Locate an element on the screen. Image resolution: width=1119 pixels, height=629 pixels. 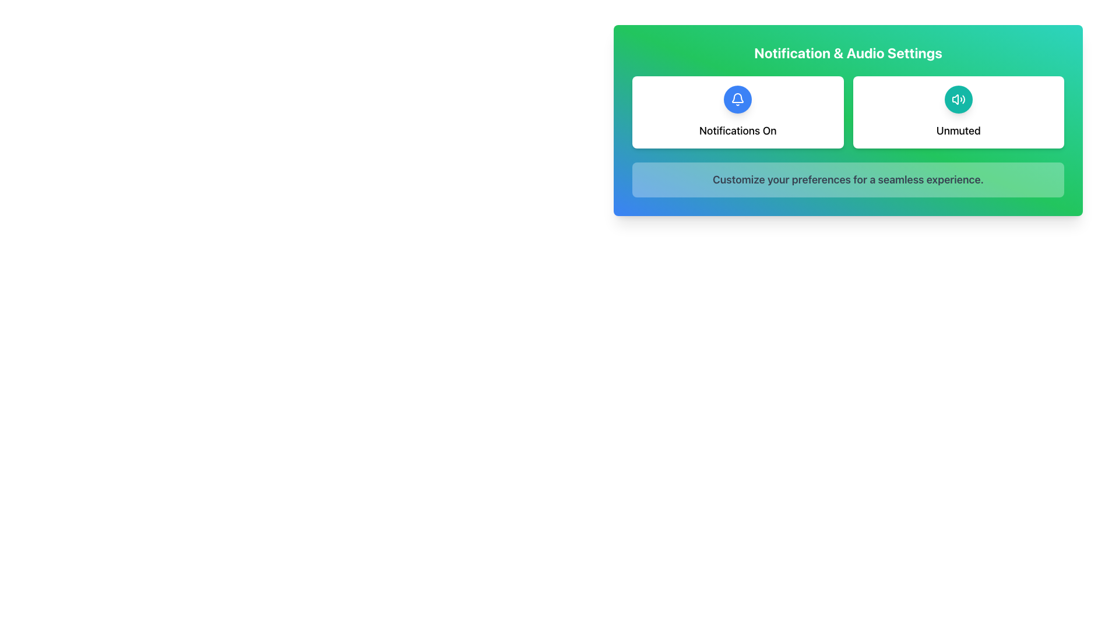
the button to manage or toggle notification settings, located within the 'Notifications On' section of the Notification & Audio Settings interface is located at coordinates (737, 98).